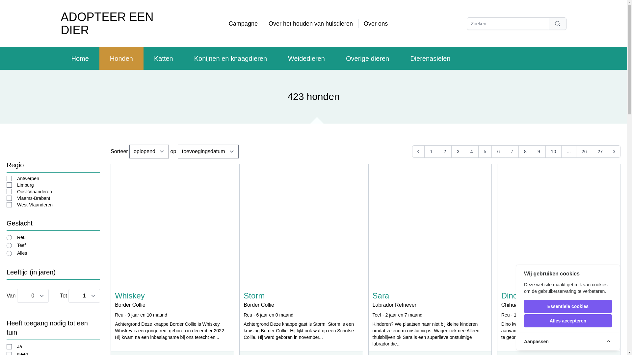 This screenshot has height=355, width=632. I want to click on '3', so click(458, 152).